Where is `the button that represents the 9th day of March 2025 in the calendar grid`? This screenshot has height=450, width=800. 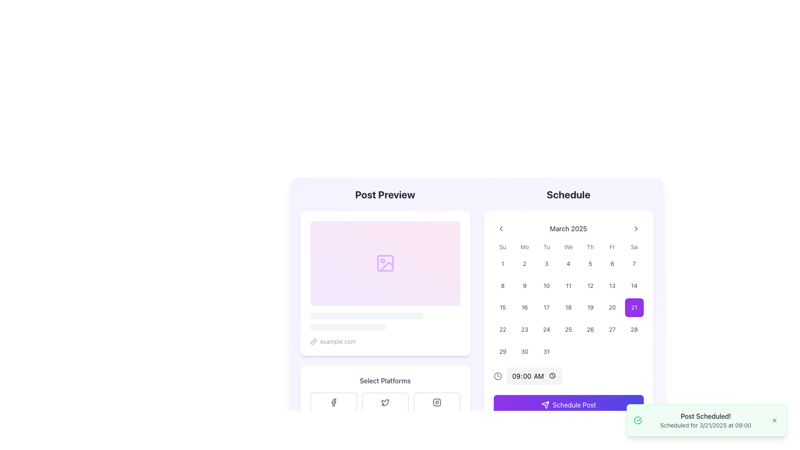 the button that represents the 9th day of March 2025 in the calendar grid is located at coordinates (524, 285).